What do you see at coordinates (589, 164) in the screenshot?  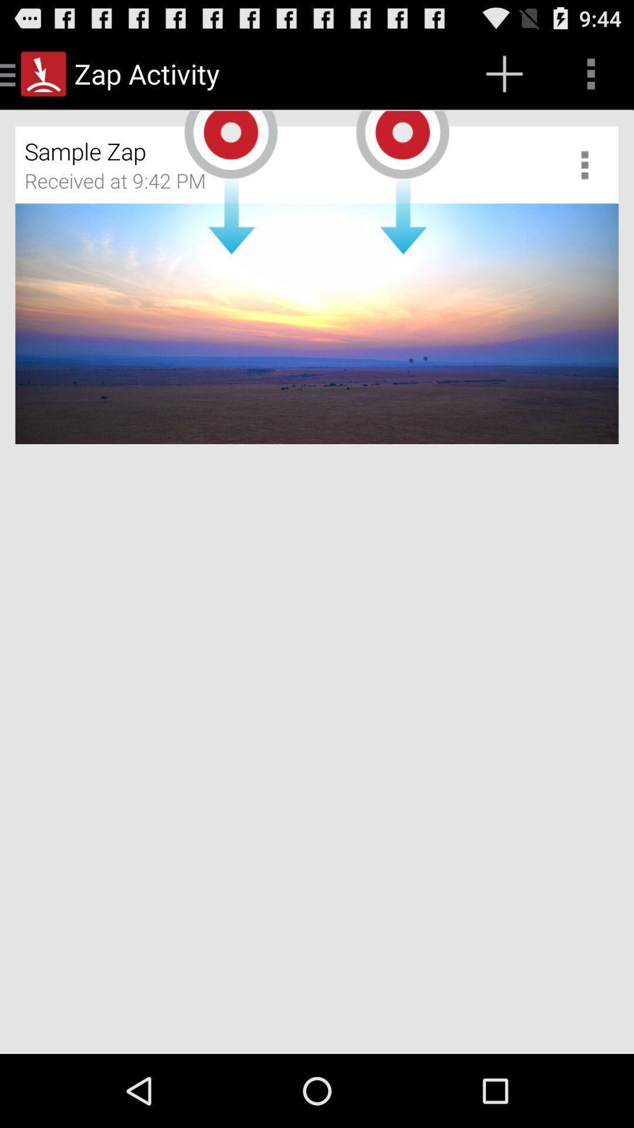 I see `show more` at bounding box center [589, 164].